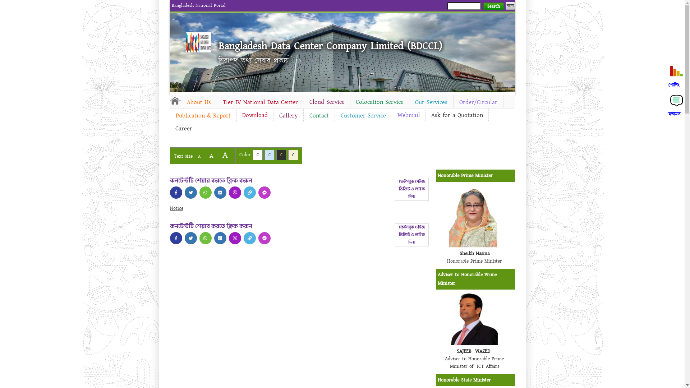 This screenshot has width=690, height=388. I want to click on 'Career', so click(183, 128).